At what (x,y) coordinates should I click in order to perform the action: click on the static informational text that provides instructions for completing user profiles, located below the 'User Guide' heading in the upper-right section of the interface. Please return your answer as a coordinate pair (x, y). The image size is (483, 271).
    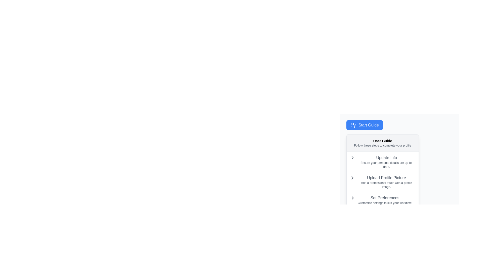
    Looking at the image, I should click on (382, 145).